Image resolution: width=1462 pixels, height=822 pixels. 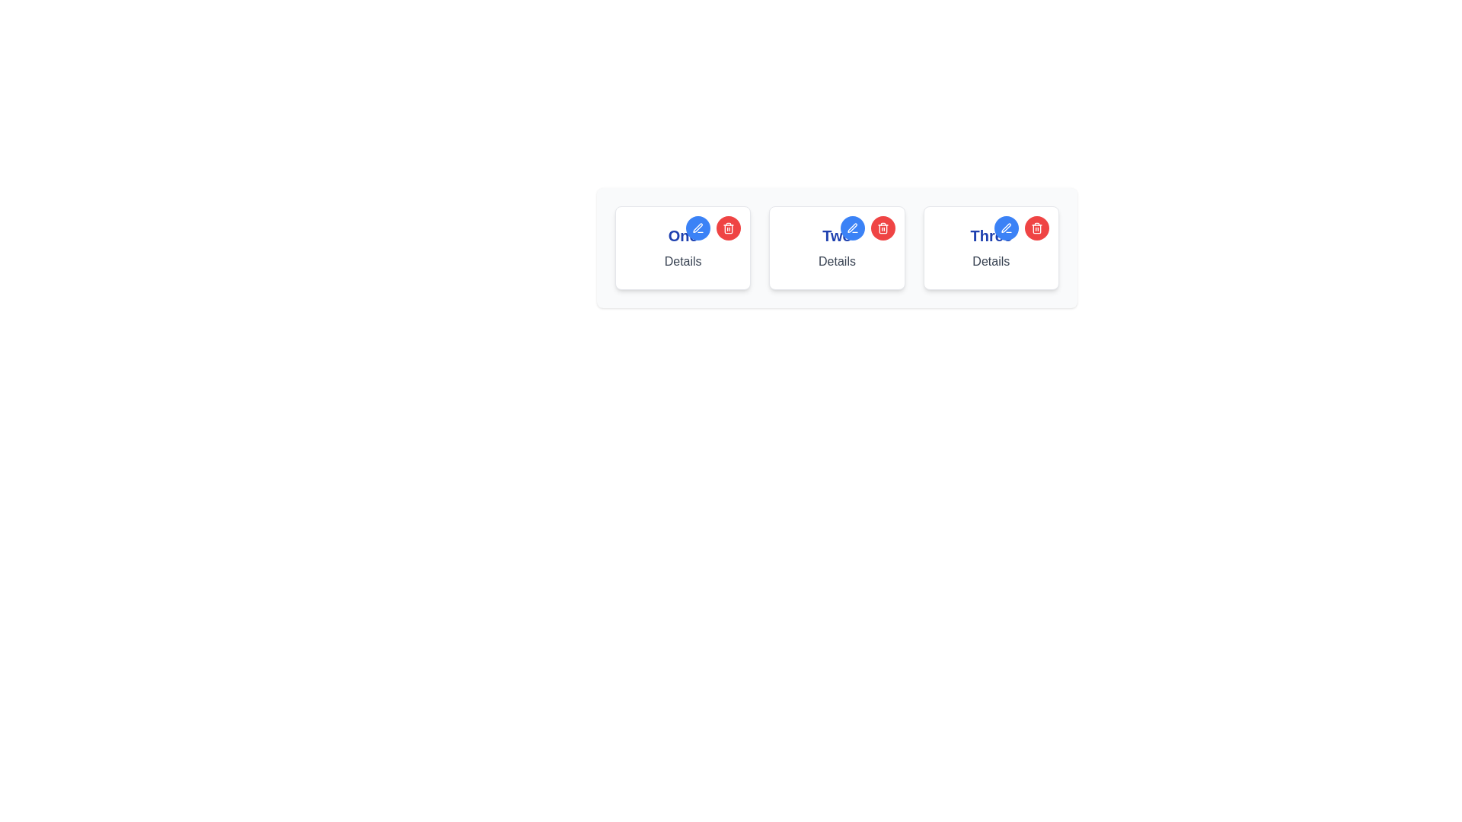 I want to click on the stylized pen icon located within the blue circular region on the second card from the left, situated to the left of the red circular icon, so click(x=697, y=228).